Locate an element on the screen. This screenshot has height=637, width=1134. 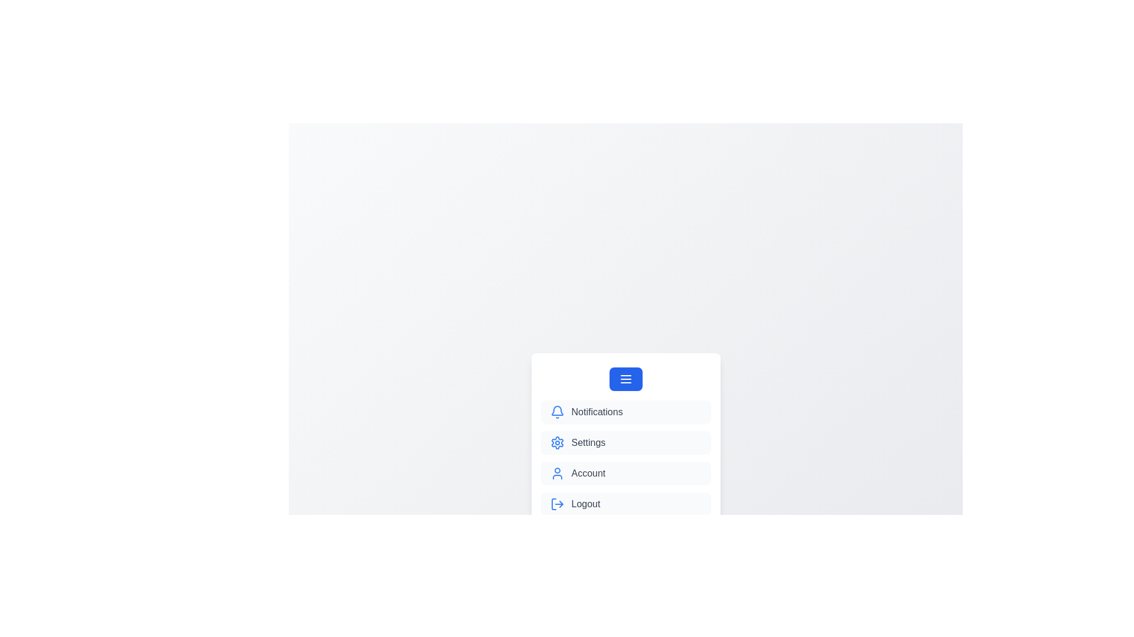
the menu option corresponding to Settings by clicking on its icon is located at coordinates (556, 443).